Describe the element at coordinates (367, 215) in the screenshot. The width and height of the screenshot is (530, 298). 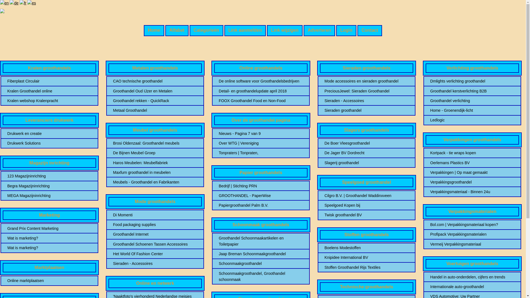
I see `'Twisk groothandel BV'` at that location.